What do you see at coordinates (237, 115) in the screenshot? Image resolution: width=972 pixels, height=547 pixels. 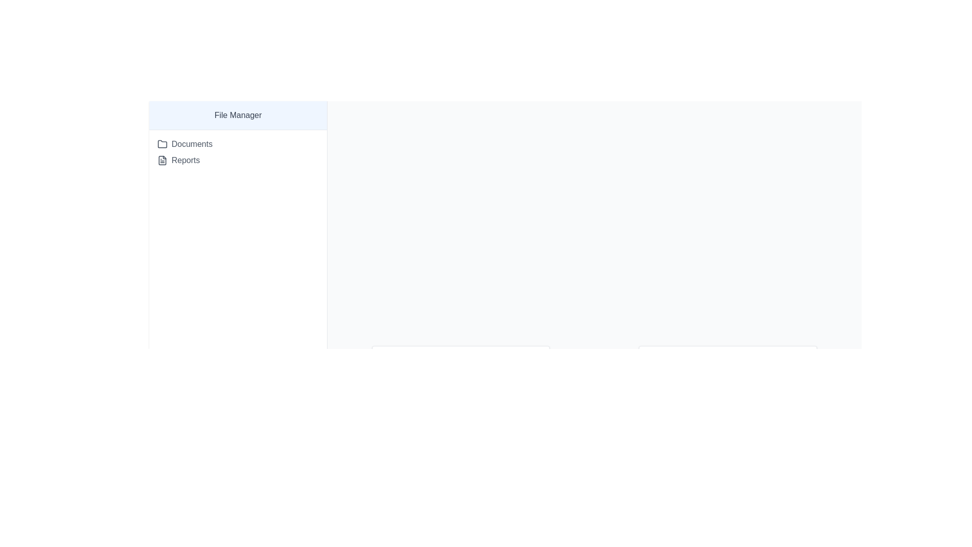 I see `the 'File Manager' text label, which is a bold heading located at the top of the columnar section with a light blue background` at bounding box center [237, 115].